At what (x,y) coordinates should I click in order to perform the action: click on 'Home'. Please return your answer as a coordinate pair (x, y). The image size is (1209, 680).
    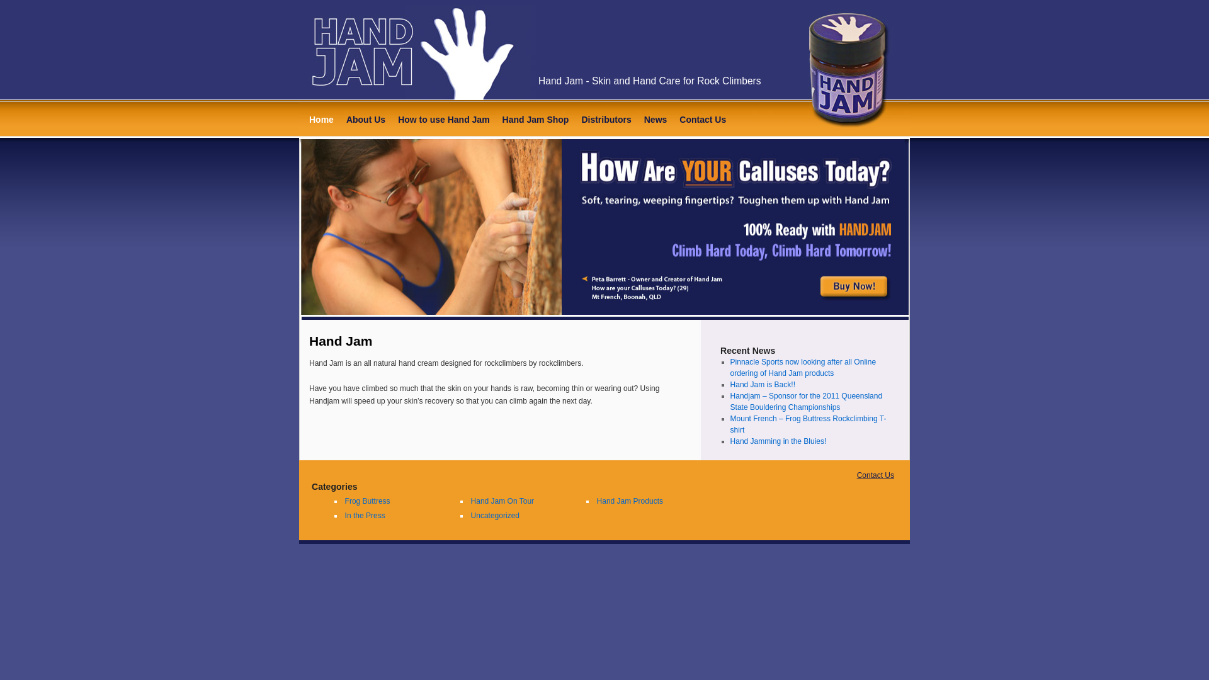
    Looking at the image, I should click on (321, 120).